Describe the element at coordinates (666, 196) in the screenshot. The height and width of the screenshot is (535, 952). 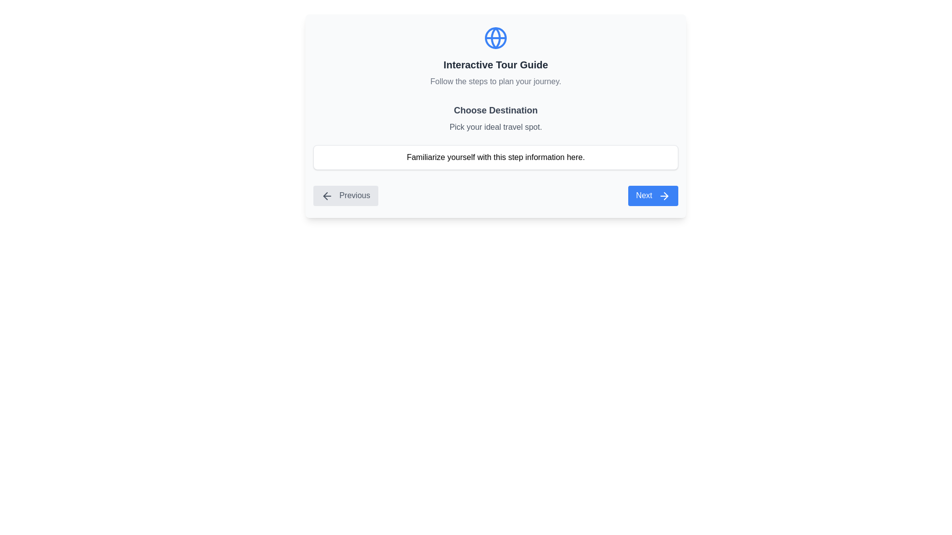
I see `the icon located on the far-right side of the blue 'Next' button, which indicates forward navigation or progression` at that location.